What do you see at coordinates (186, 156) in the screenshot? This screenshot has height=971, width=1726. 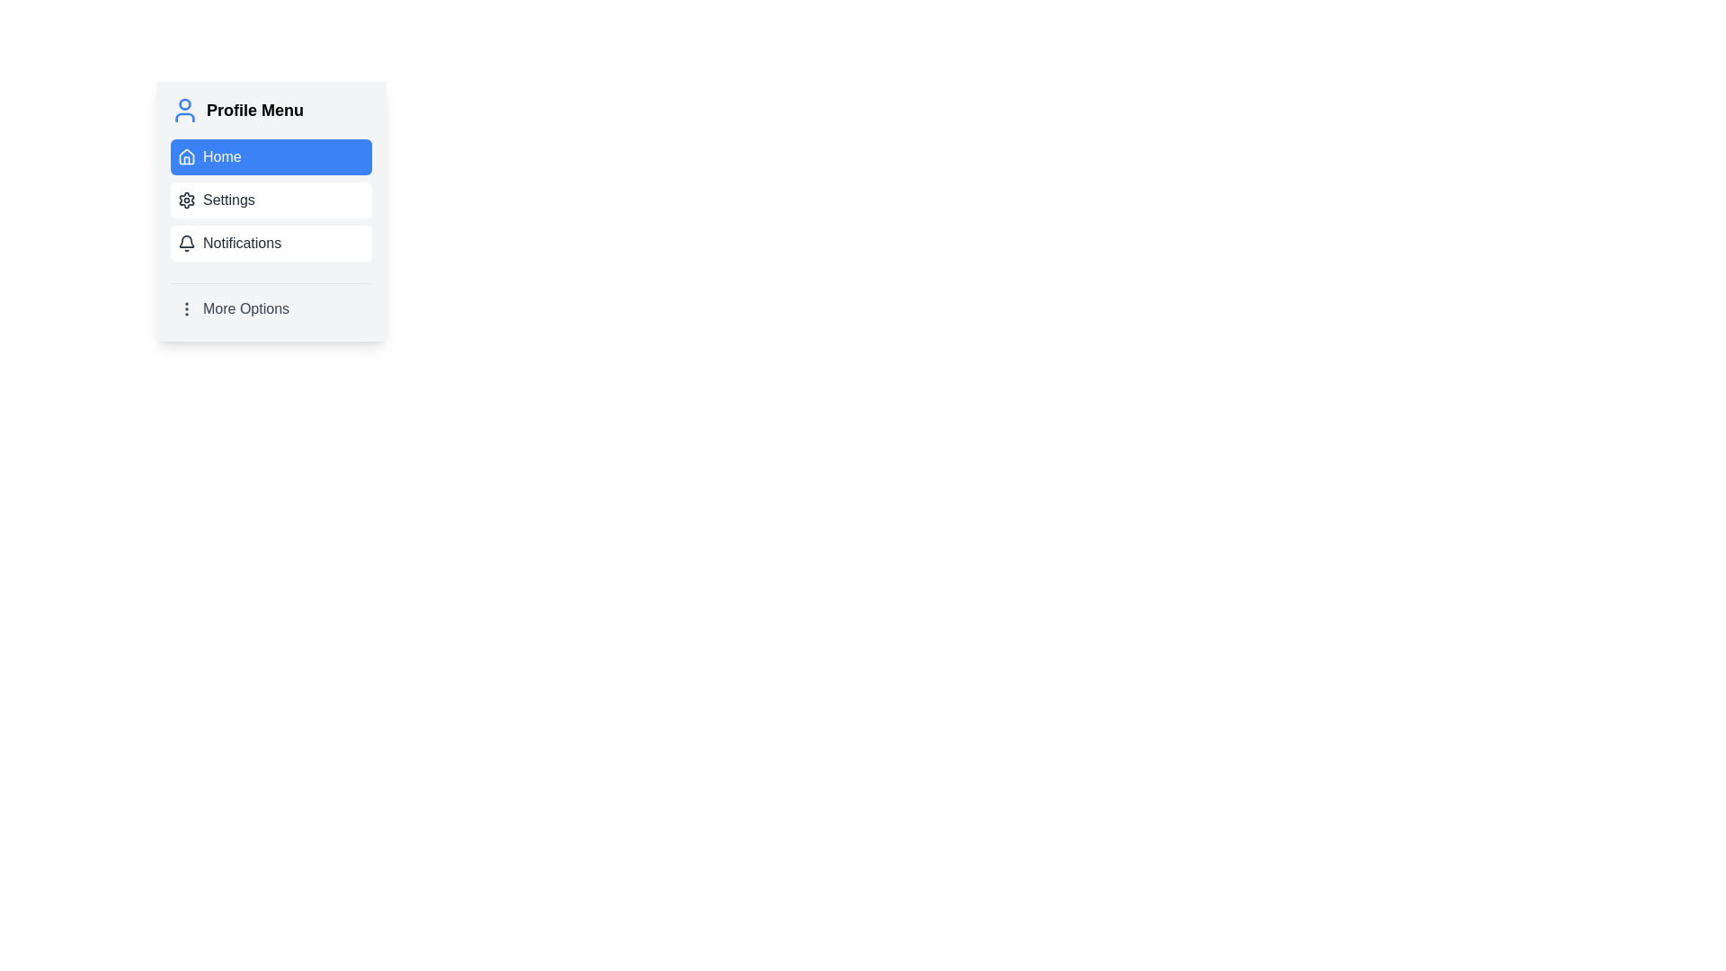 I see `the home navigation icon located in the top menu of the vertical structure` at bounding box center [186, 156].